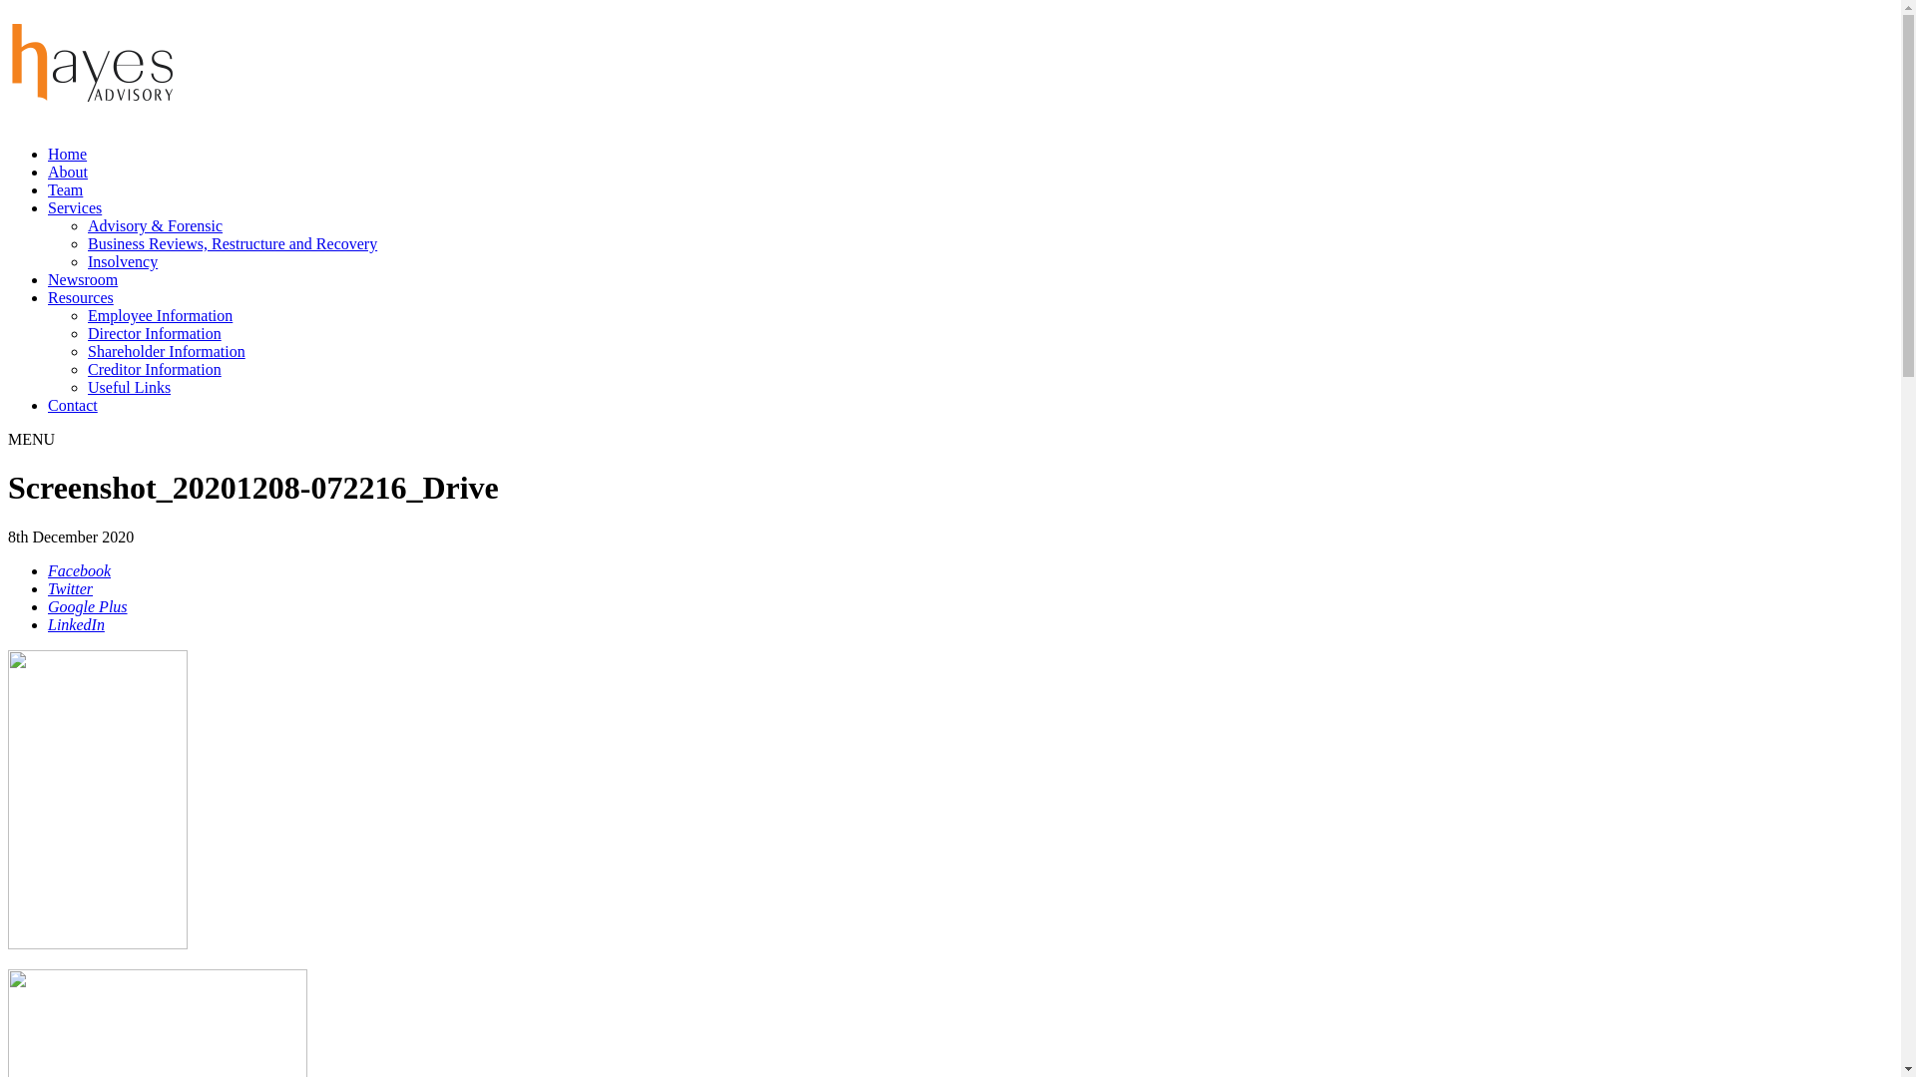 The image size is (1916, 1077). Describe the element at coordinates (67, 153) in the screenshot. I see `'Home'` at that location.